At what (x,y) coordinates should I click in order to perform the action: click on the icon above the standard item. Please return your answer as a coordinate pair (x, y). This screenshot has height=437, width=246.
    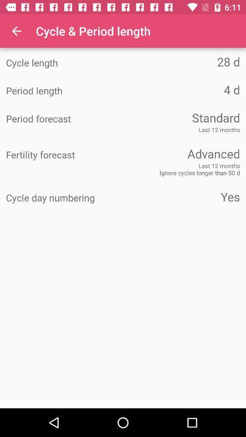
    Looking at the image, I should click on (181, 90).